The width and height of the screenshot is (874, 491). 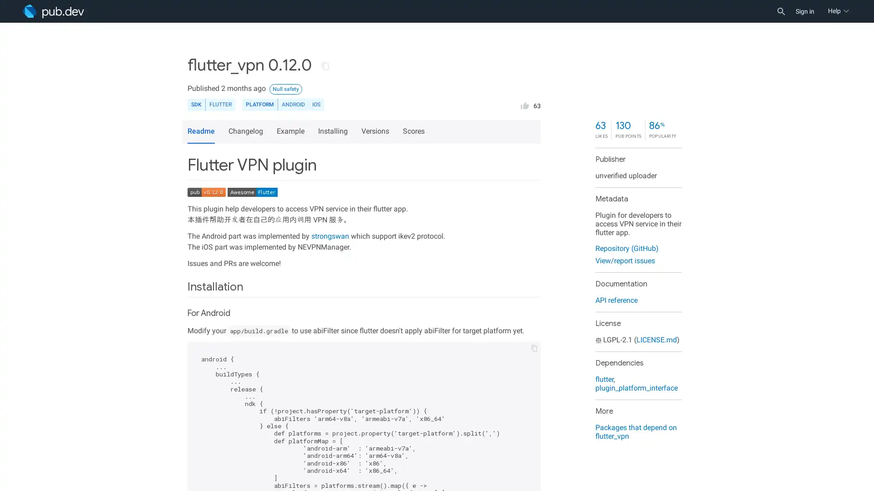 What do you see at coordinates (415, 131) in the screenshot?
I see `Scores` at bounding box center [415, 131].